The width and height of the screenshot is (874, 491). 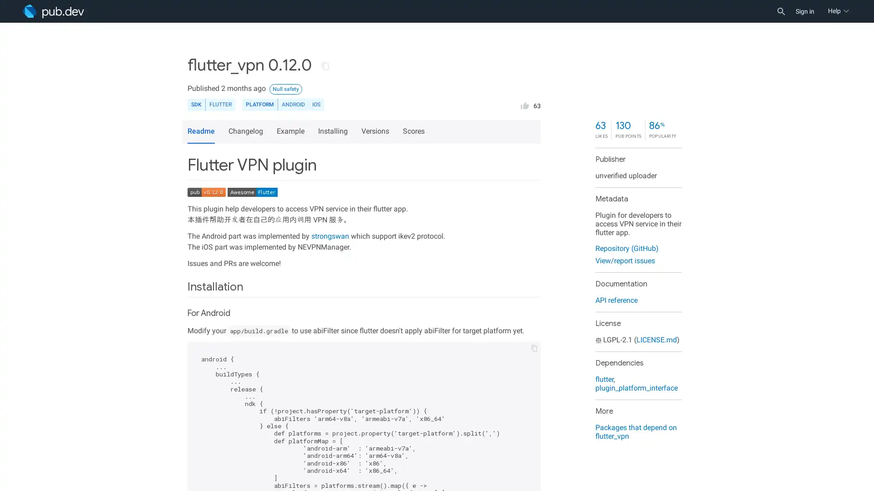 What do you see at coordinates (415, 131) in the screenshot?
I see `Scores` at bounding box center [415, 131].